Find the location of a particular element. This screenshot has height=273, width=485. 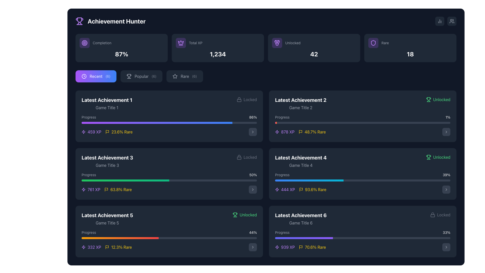

the SVG Icon that visually highlights the 'Rare' status of the achievement located to the left of the text '48.7% Rare' in the 'Latest Achievement 2' panel is located at coordinates (301, 131).